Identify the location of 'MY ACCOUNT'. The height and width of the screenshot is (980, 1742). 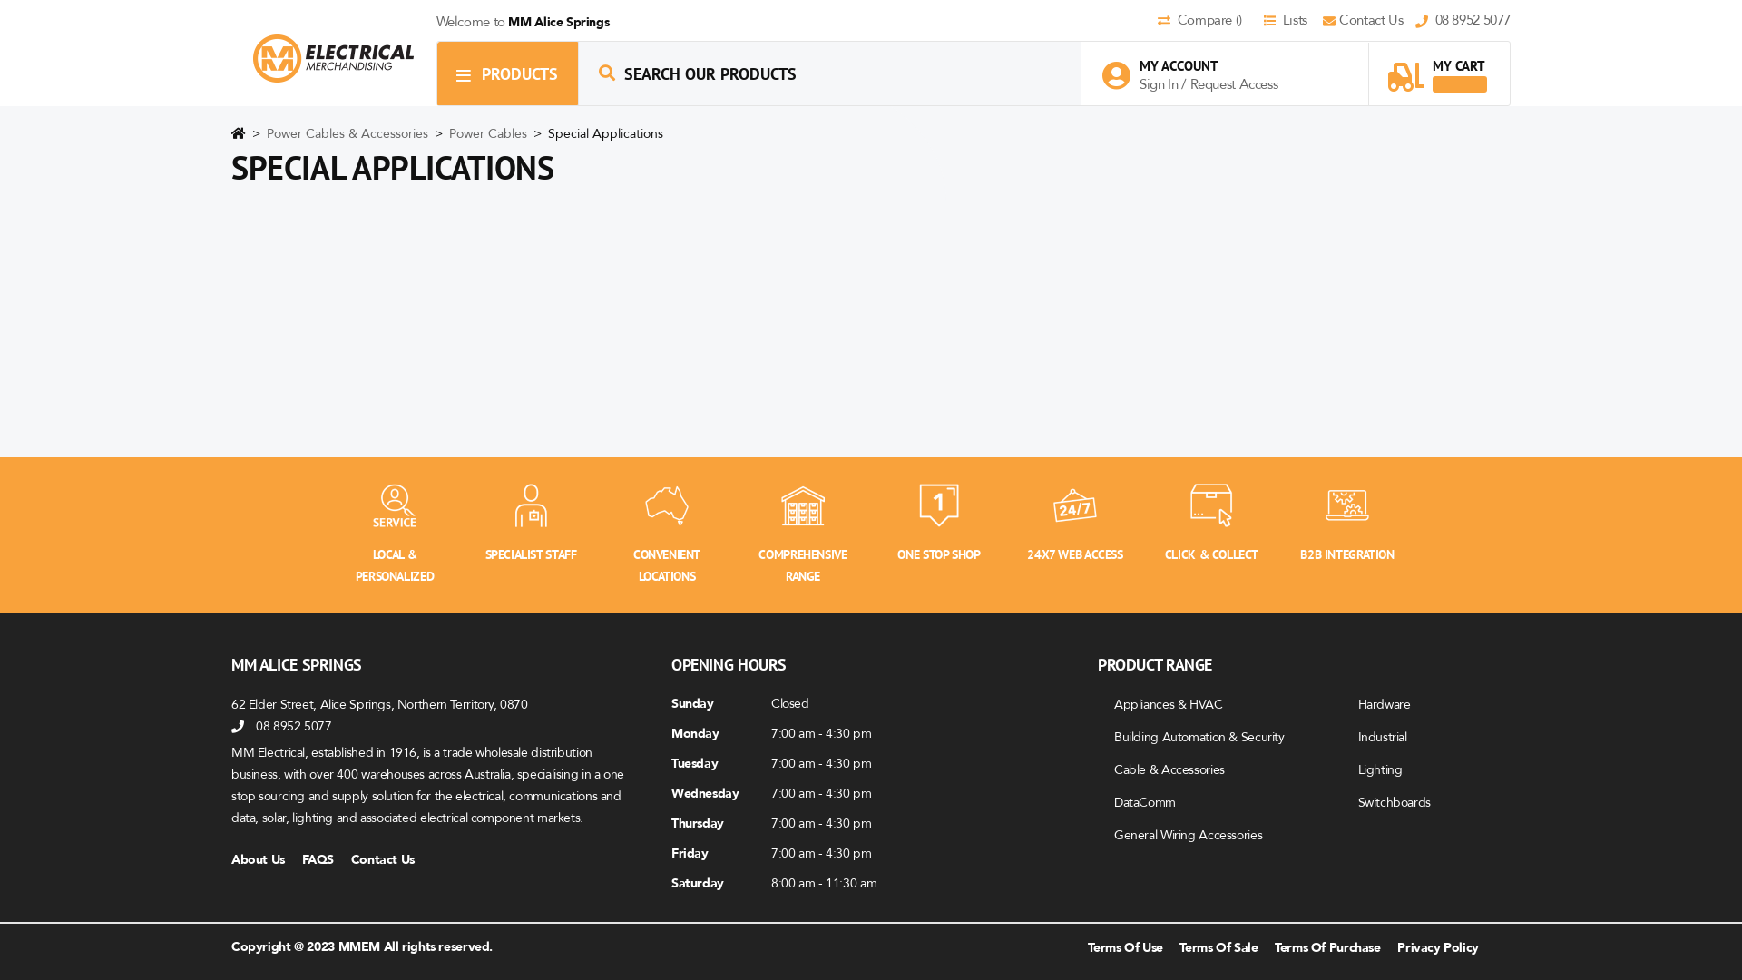
(1199, 64).